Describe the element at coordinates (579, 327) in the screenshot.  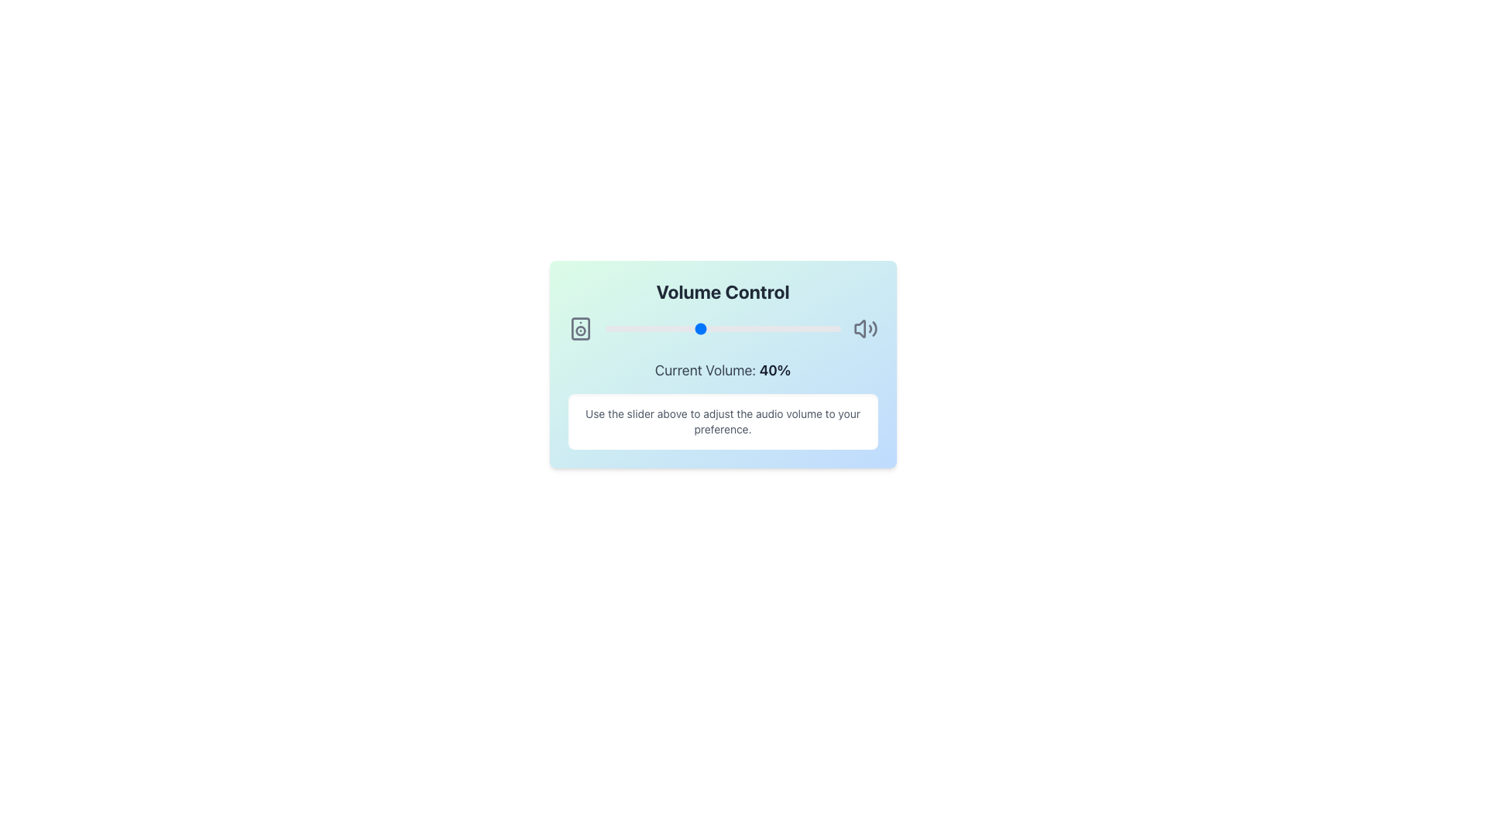
I see `the speaker icon, which is styled with a circular center and a dot, located within a card interface on the left edge` at that location.